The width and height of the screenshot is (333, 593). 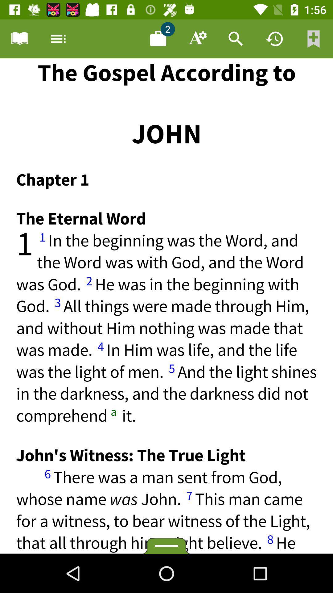 What do you see at coordinates (236, 38) in the screenshot?
I see `search` at bounding box center [236, 38].